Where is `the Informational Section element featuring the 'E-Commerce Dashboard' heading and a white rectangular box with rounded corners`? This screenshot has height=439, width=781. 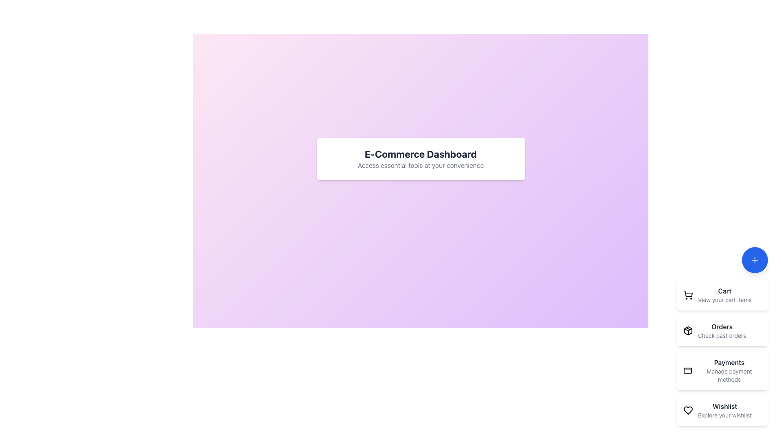
the Informational Section element featuring the 'E-Commerce Dashboard' heading and a white rectangular box with rounded corners is located at coordinates (421, 159).